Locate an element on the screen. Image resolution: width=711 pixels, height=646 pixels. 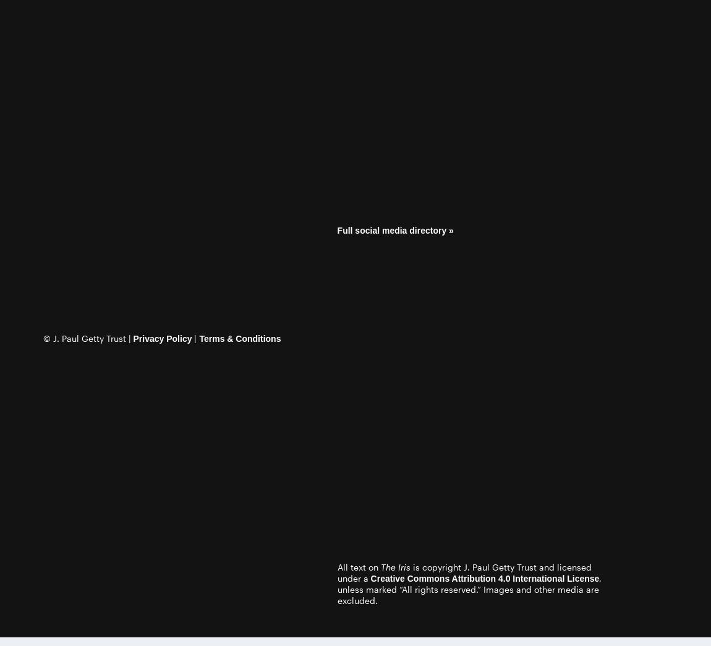
'is copyright J. Paul Getty Trust and licensed under a' is located at coordinates (463, 572).